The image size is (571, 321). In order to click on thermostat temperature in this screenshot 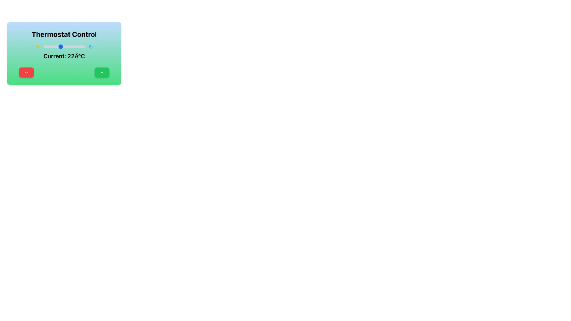, I will do `click(76, 46)`.